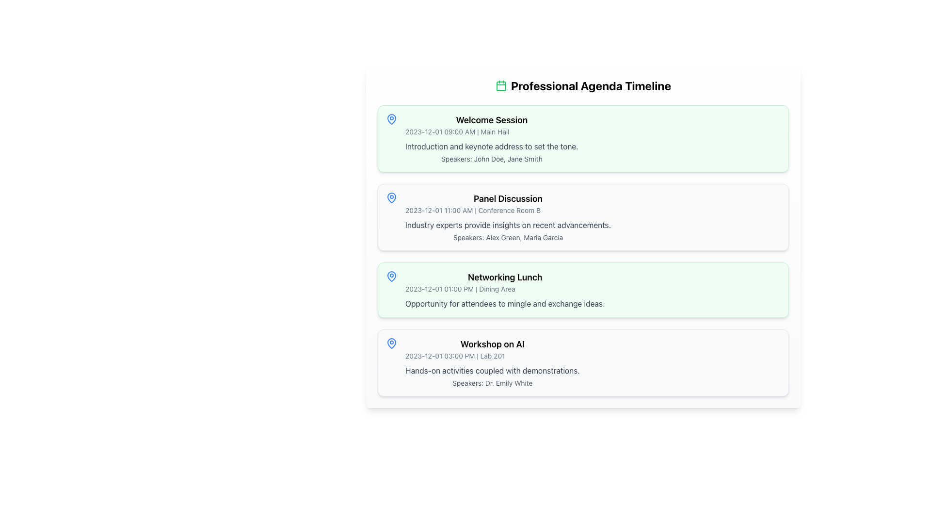  I want to click on the 'Workshop on AI' informational section, which is the fourth item in the agenda list and includes details such as time and location, so click(583, 363).